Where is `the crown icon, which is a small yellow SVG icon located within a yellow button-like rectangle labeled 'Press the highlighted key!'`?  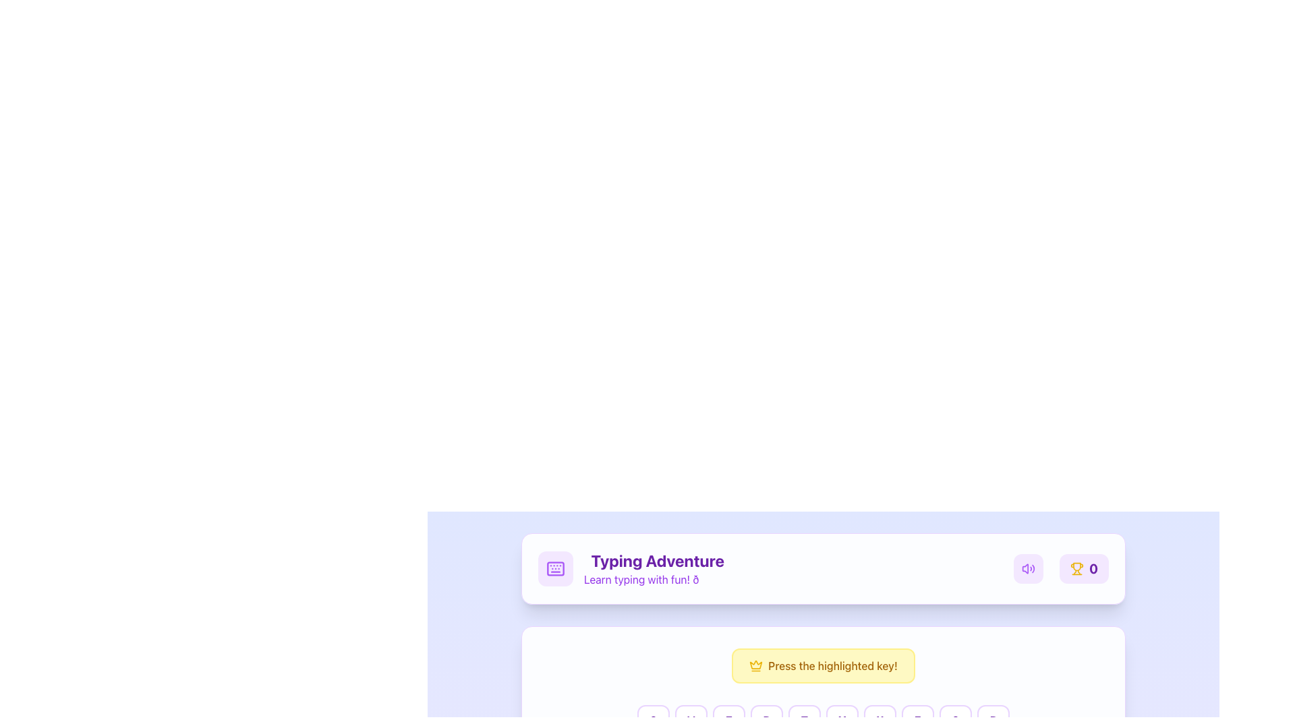
the crown icon, which is a small yellow SVG icon located within a yellow button-like rectangle labeled 'Press the highlighted key!' is located at coordinates (756, 665).